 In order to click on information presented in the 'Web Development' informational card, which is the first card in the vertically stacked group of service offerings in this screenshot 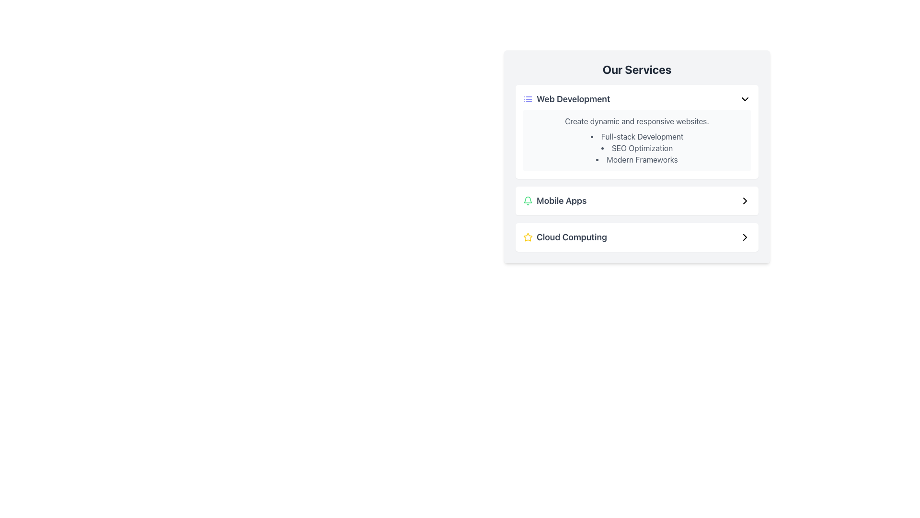, I will do `click(637, 131)`.